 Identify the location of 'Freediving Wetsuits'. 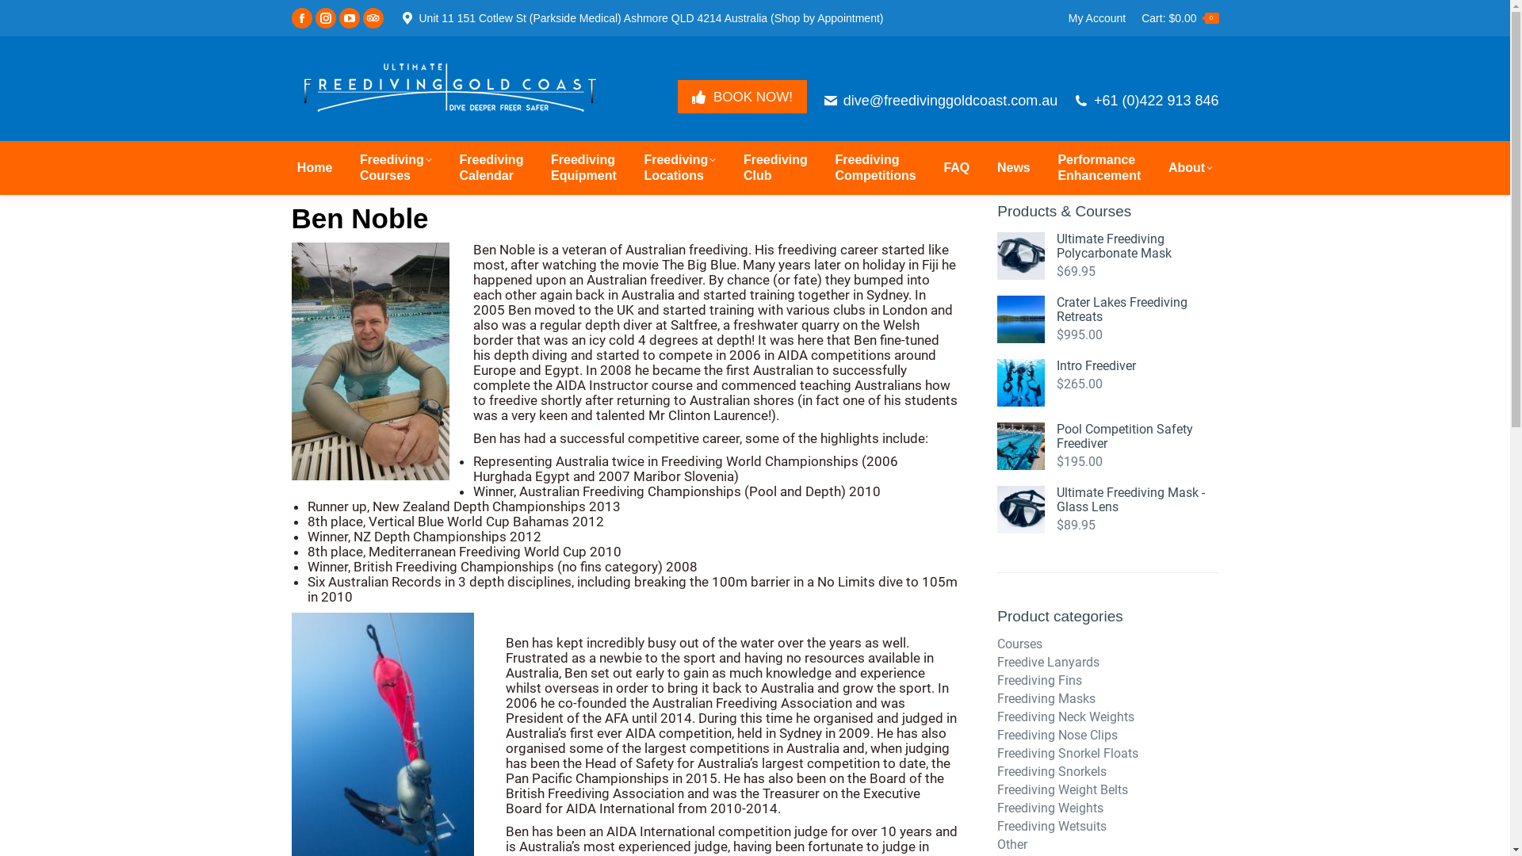
(1051, 825).